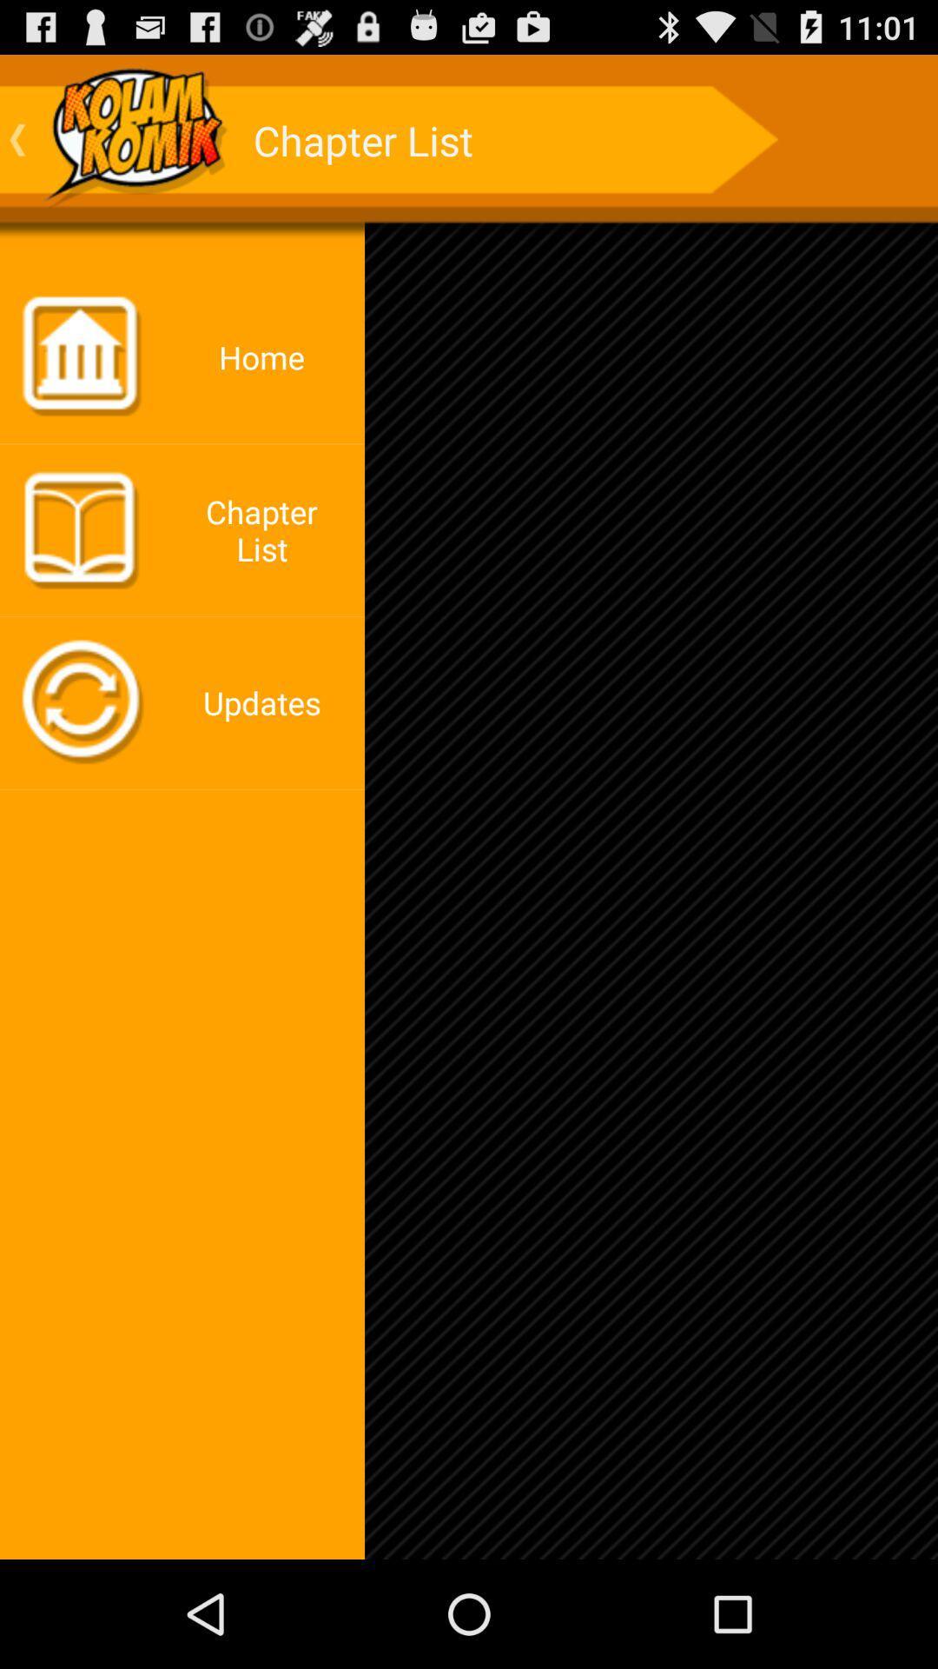  What do you see at coordinates (469, 806) in the screenshot?
I see `the icon at the center` at bounding box center [469, 806].